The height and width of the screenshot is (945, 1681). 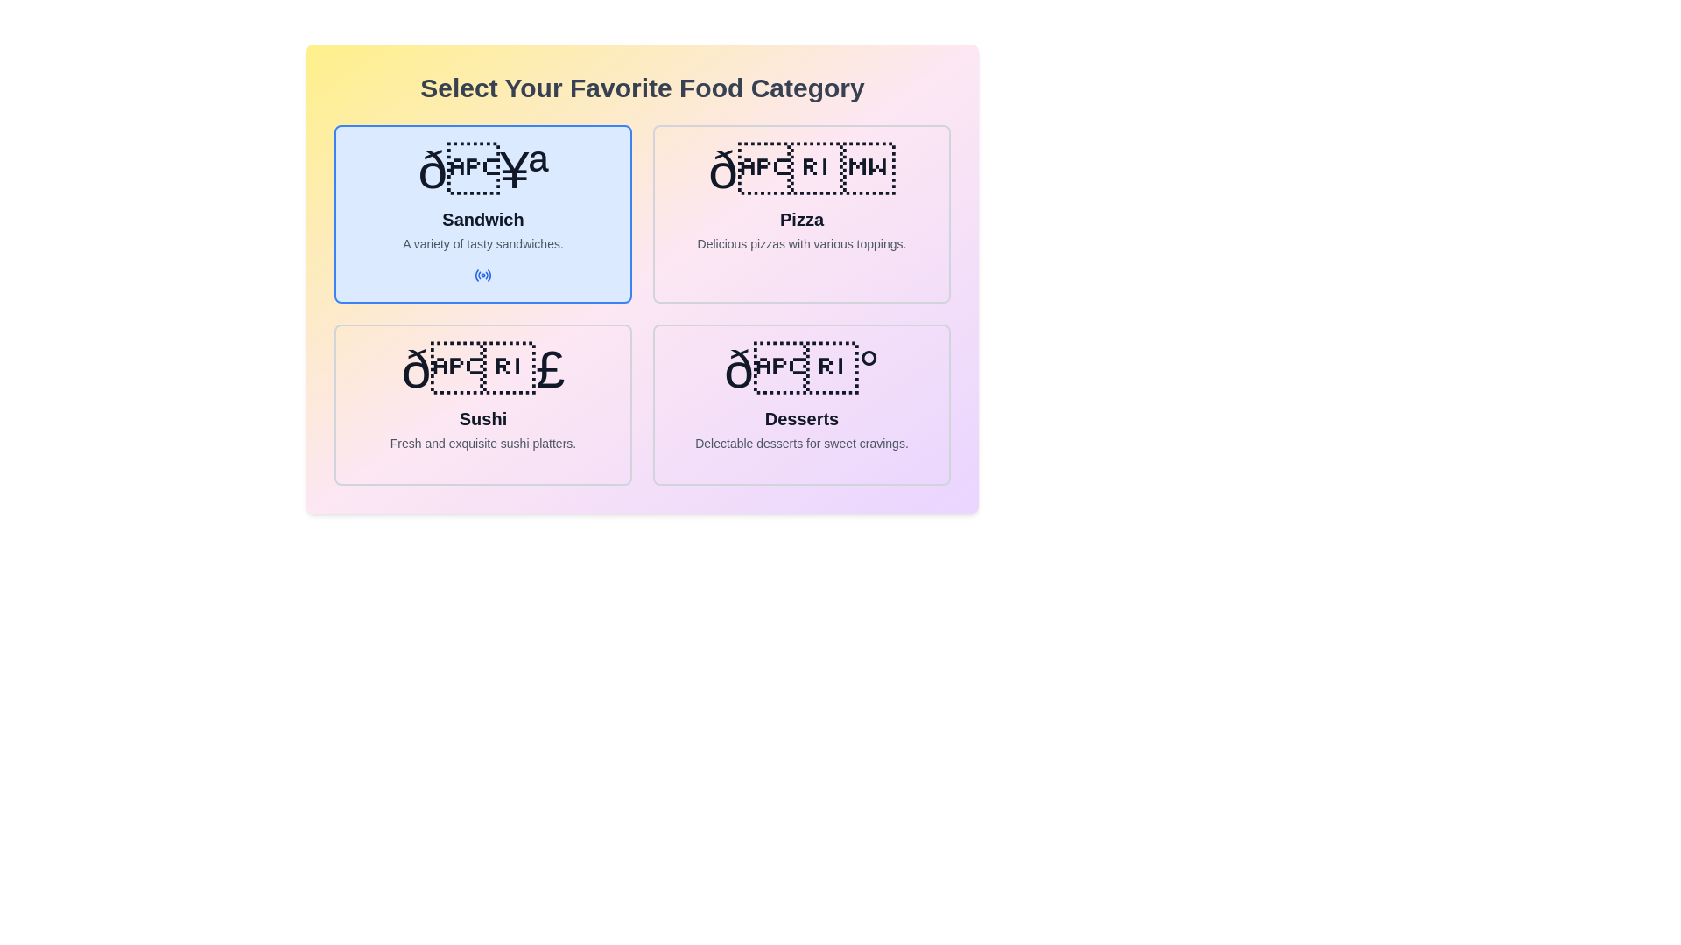 What do you see at coordinates (801, 213) in the screenshot?
I see `the 'Pizza' category card, which is the second item in a grid of four in the top-right quadrant, adjacent to 'Sandwich', 'Sushi', and 'Desserts'` at bounding box center [801, 213].